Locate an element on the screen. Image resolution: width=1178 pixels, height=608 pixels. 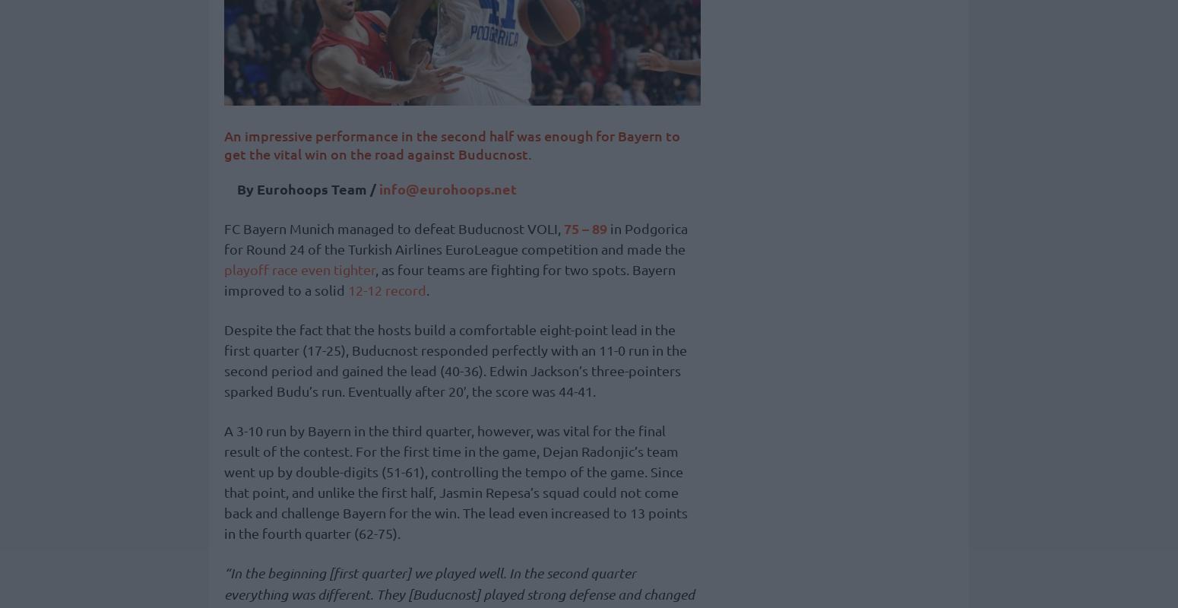
'playoff race even tighter' is located at coordinates (223, 269).